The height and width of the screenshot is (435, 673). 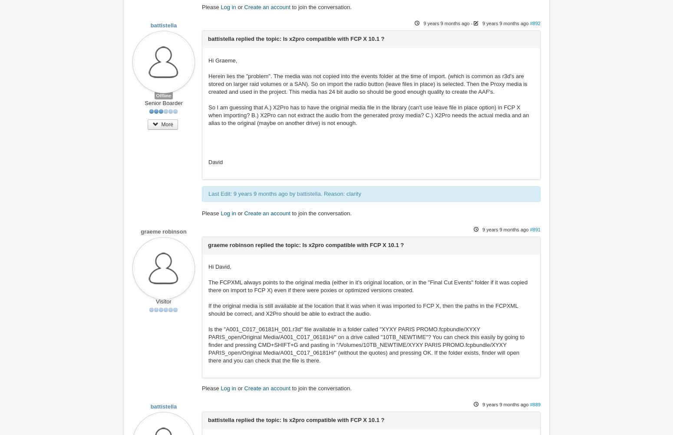 I want to click on '#891', so click(x=535, y=229).